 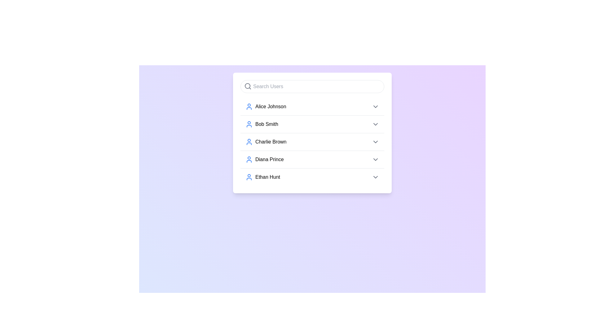 I want to click on the user's profile icon, which is a small blue outlined icon located to the left of the text 'Ethan Hunt' in the list item, so click(x=249, y=177).